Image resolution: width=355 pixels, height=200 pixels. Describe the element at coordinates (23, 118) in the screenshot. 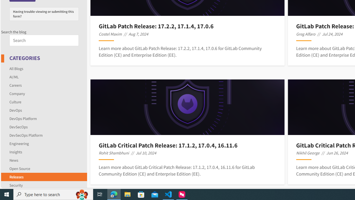

I see `'DevOps Platform'` at that location.